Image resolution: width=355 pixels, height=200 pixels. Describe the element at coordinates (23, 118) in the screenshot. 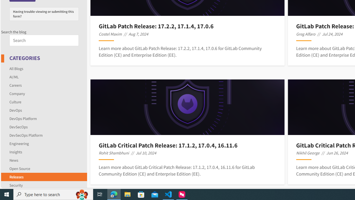

I see `'DevOps Platform'` at that location.